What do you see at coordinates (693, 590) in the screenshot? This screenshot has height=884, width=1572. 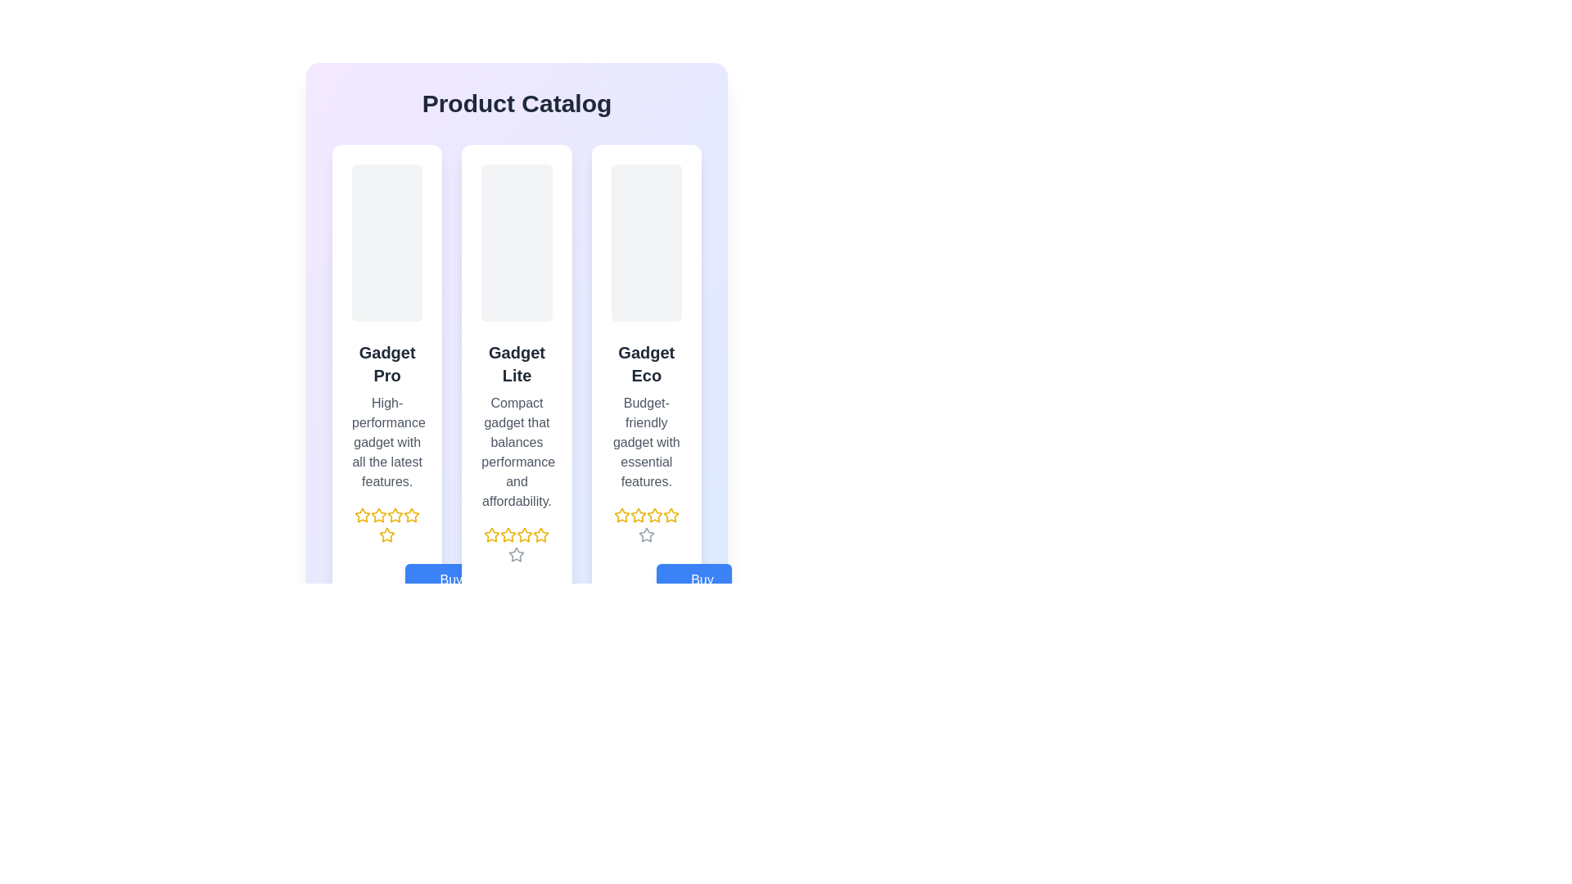 I see `the purchase button for the 'Gadget Eco' product, located in the lower section of its card` at bounding box center [693, 590].